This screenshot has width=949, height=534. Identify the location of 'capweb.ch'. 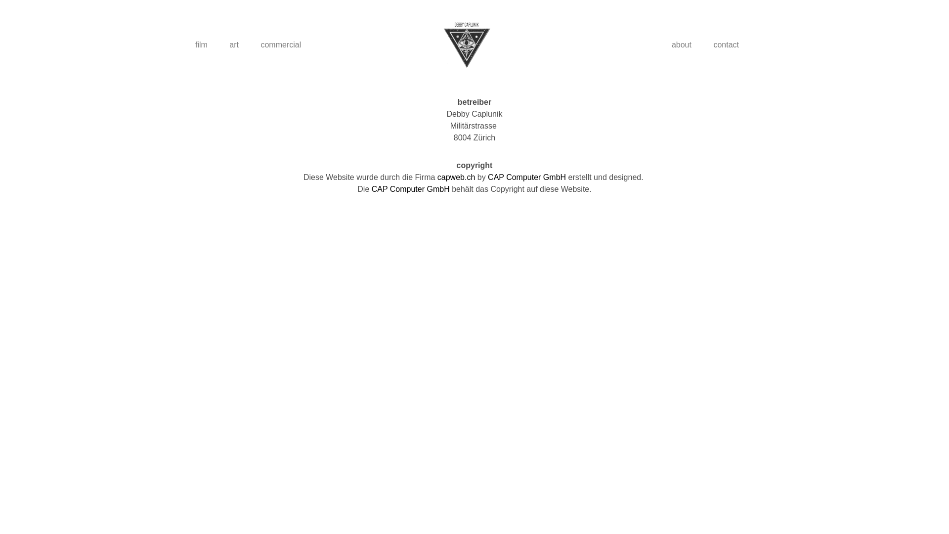
(436, 177).